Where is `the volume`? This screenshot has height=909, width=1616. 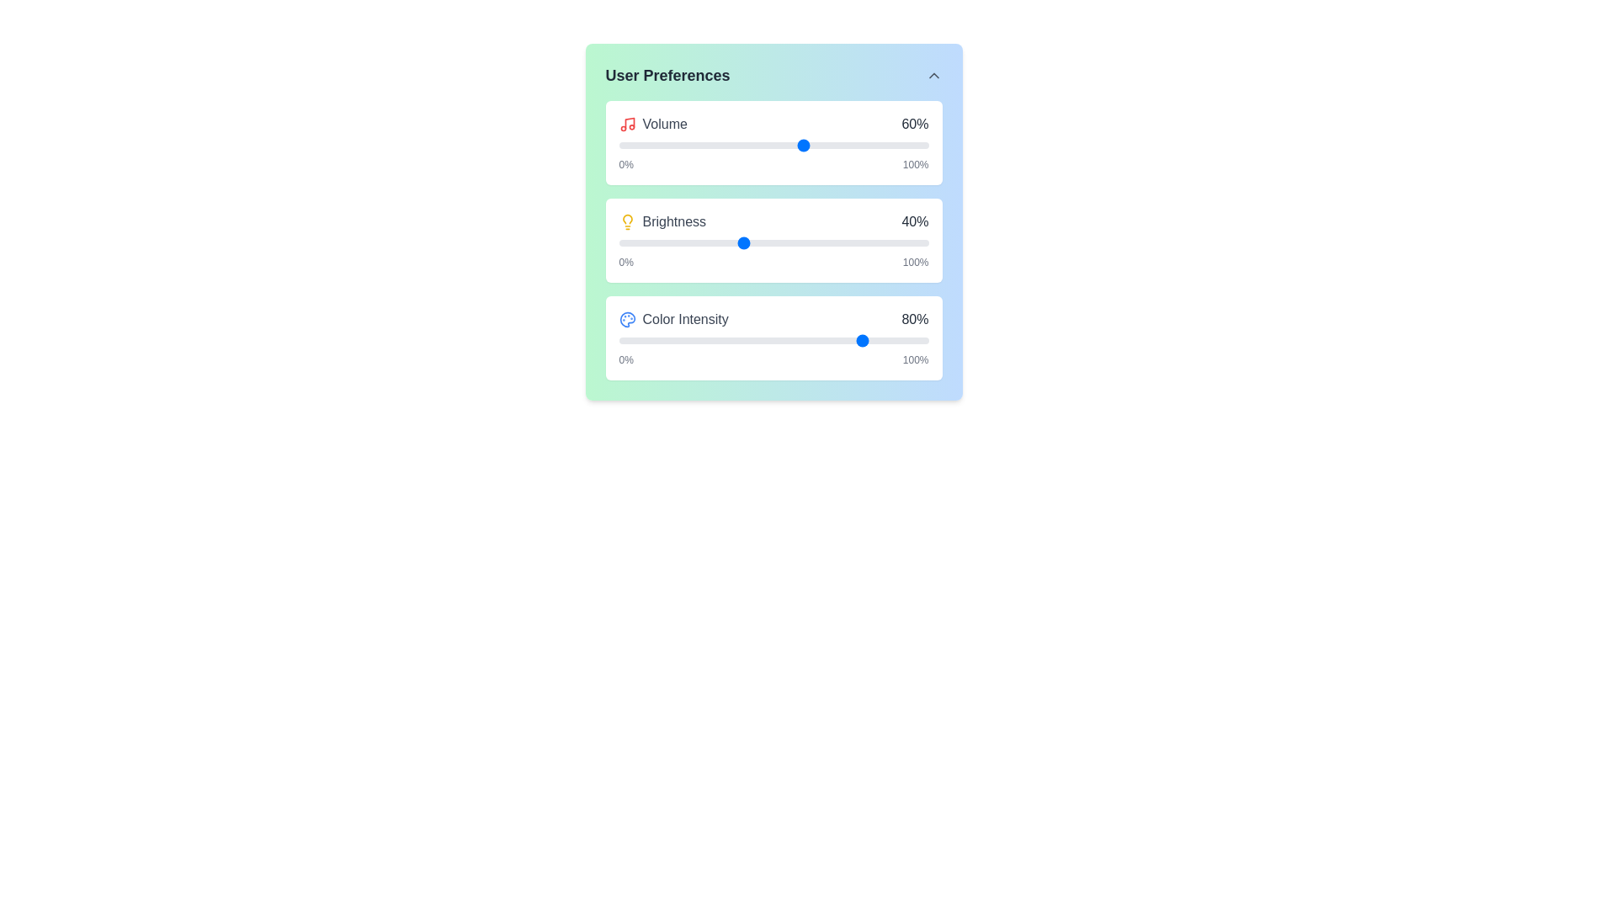 the volume is located at coordinates (757, 145).